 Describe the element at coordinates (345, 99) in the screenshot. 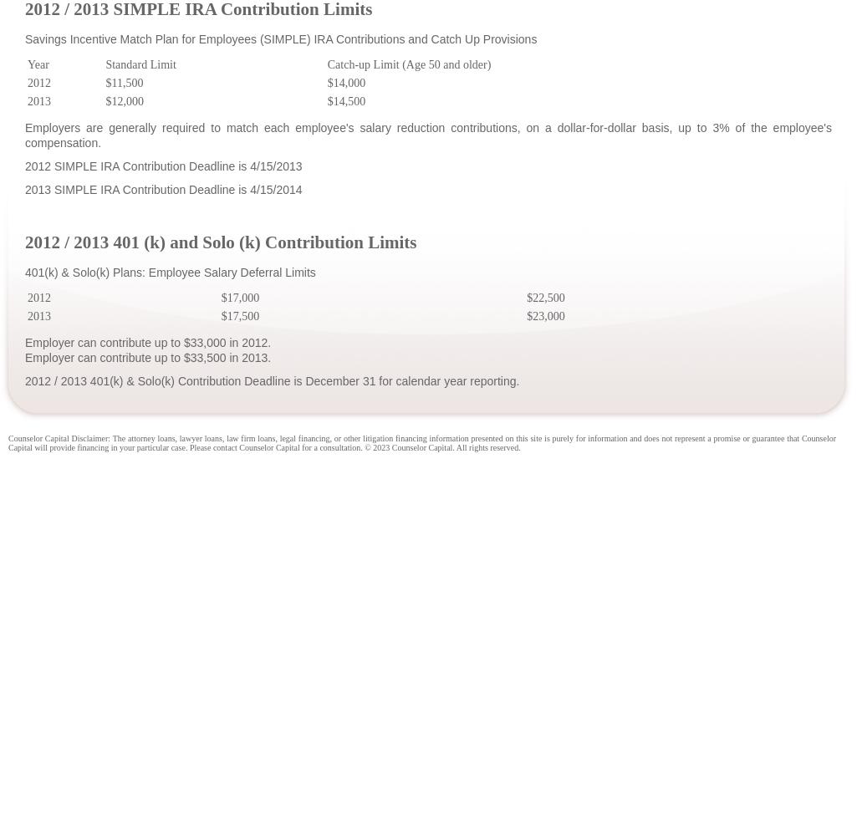

I see `'$14,500'` at that location.